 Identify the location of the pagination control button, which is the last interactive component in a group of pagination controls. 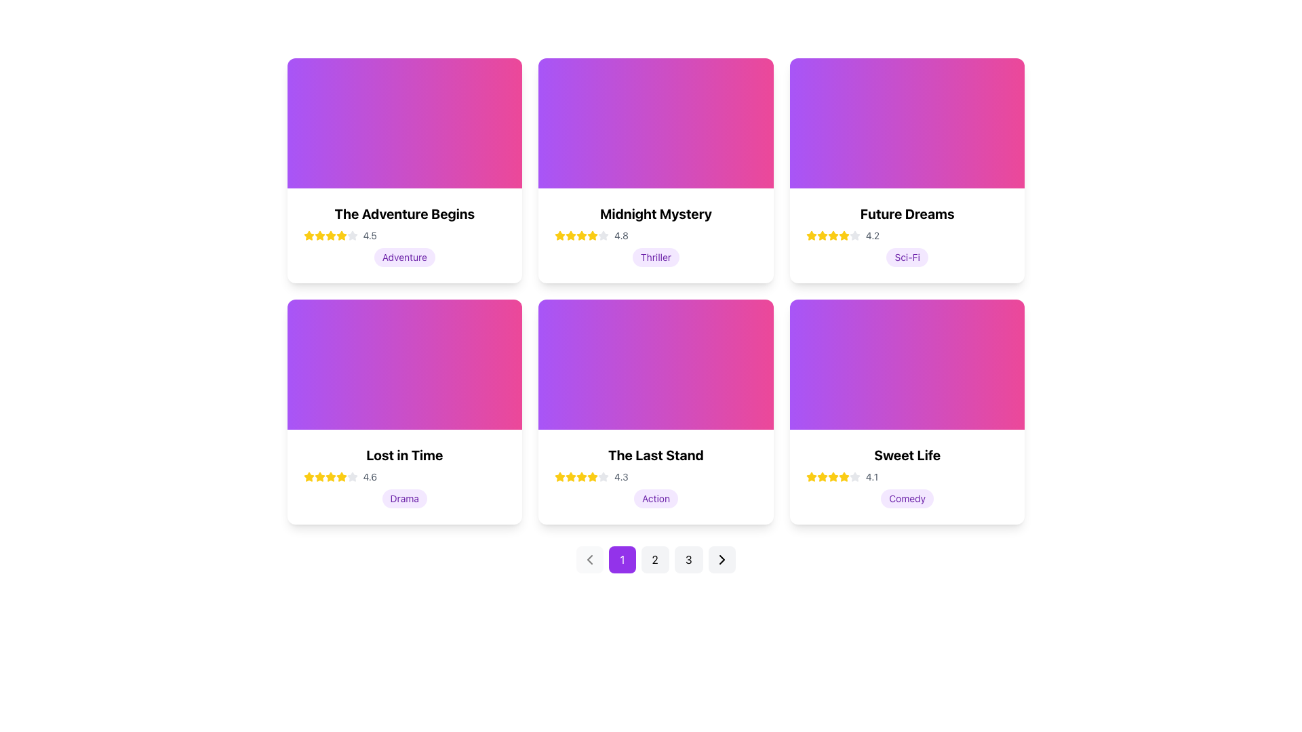
(721, 559).